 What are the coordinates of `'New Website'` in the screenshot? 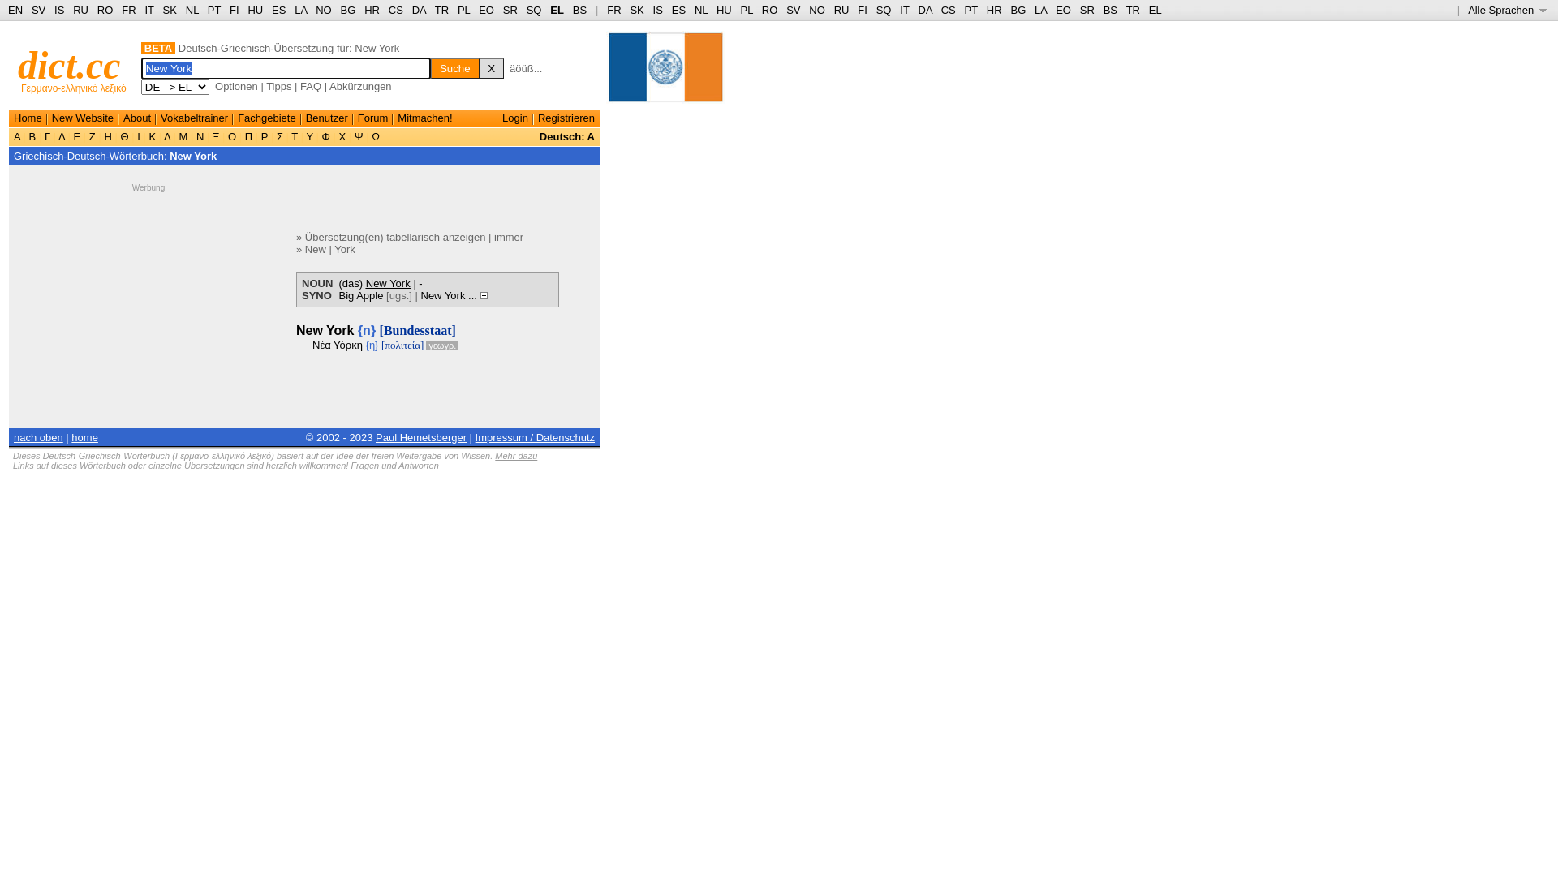 It's located at (81, 117).